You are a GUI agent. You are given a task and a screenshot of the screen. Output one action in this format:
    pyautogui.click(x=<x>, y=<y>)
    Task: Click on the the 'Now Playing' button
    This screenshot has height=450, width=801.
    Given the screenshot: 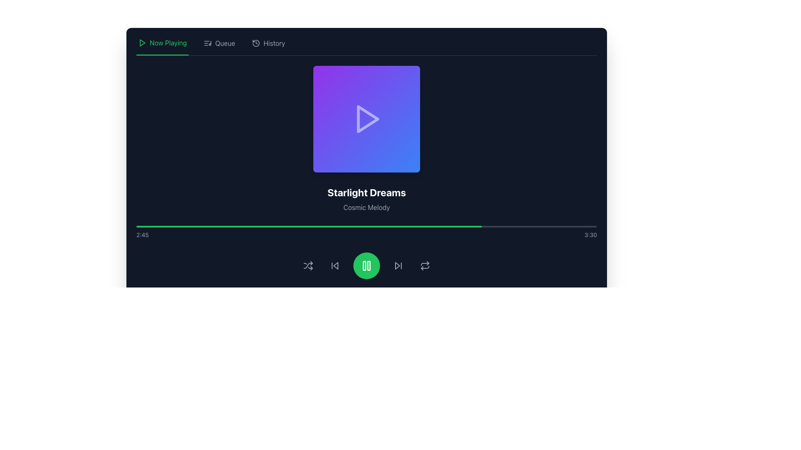 What is the action you would take?
    pyautogui.click(x=162, y=46)
    